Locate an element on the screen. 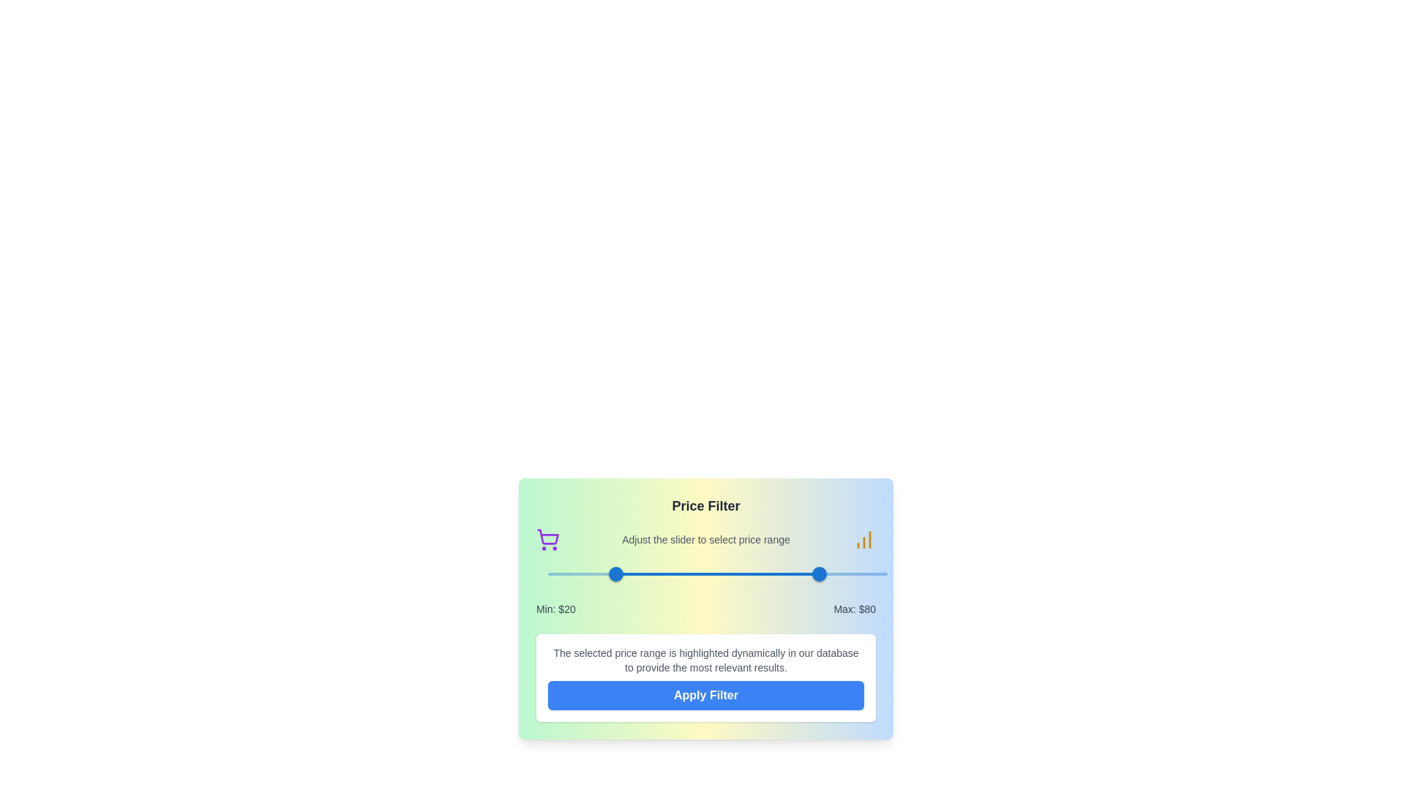 The height and width of the screenshot is (790, 1405). slider value is located at coordinates (817, 573).